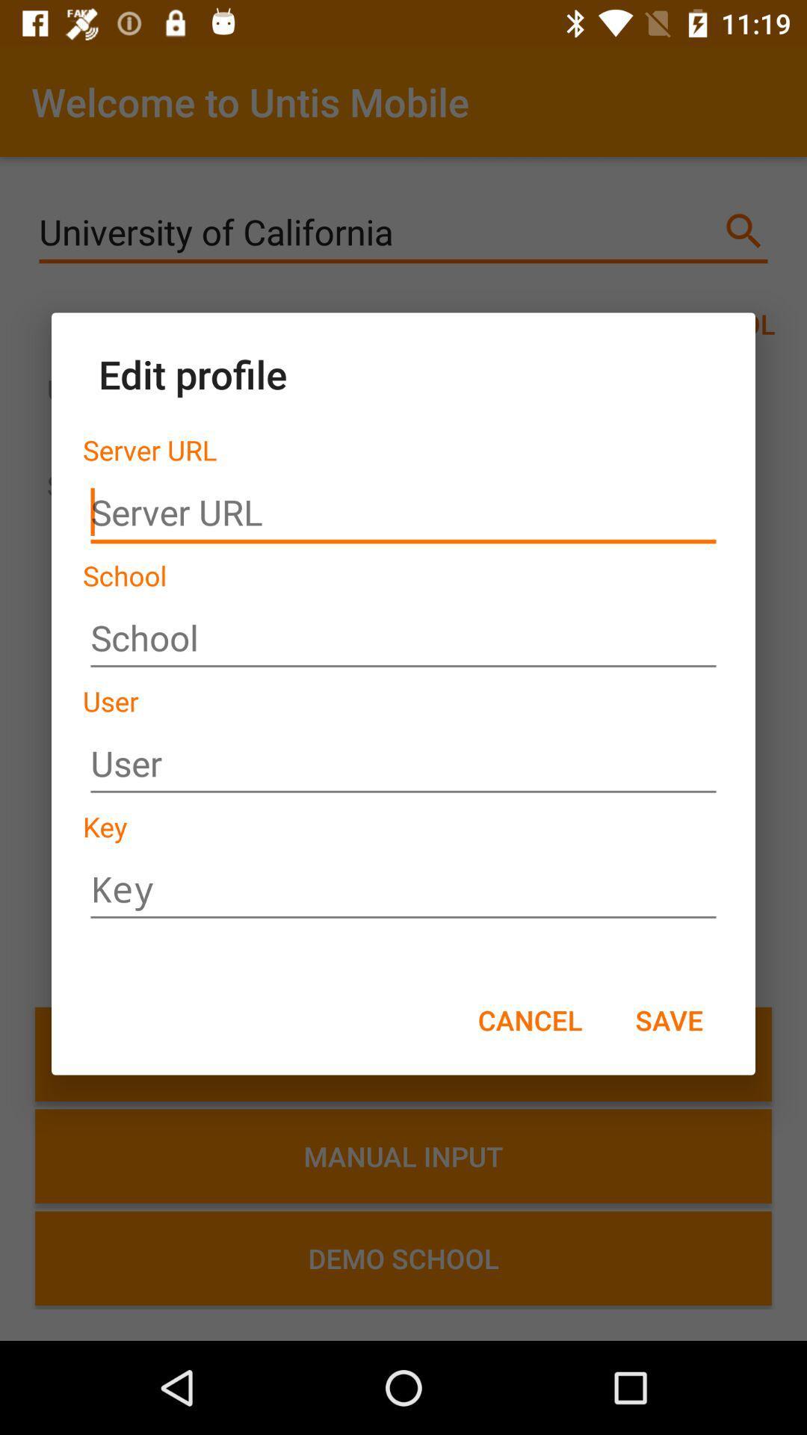 The height and width of the screenshot is (1435, 807). What do you see at coordinates (403, 889) in the screenshot?
I see `insert key` at bounding box center [403, 889].